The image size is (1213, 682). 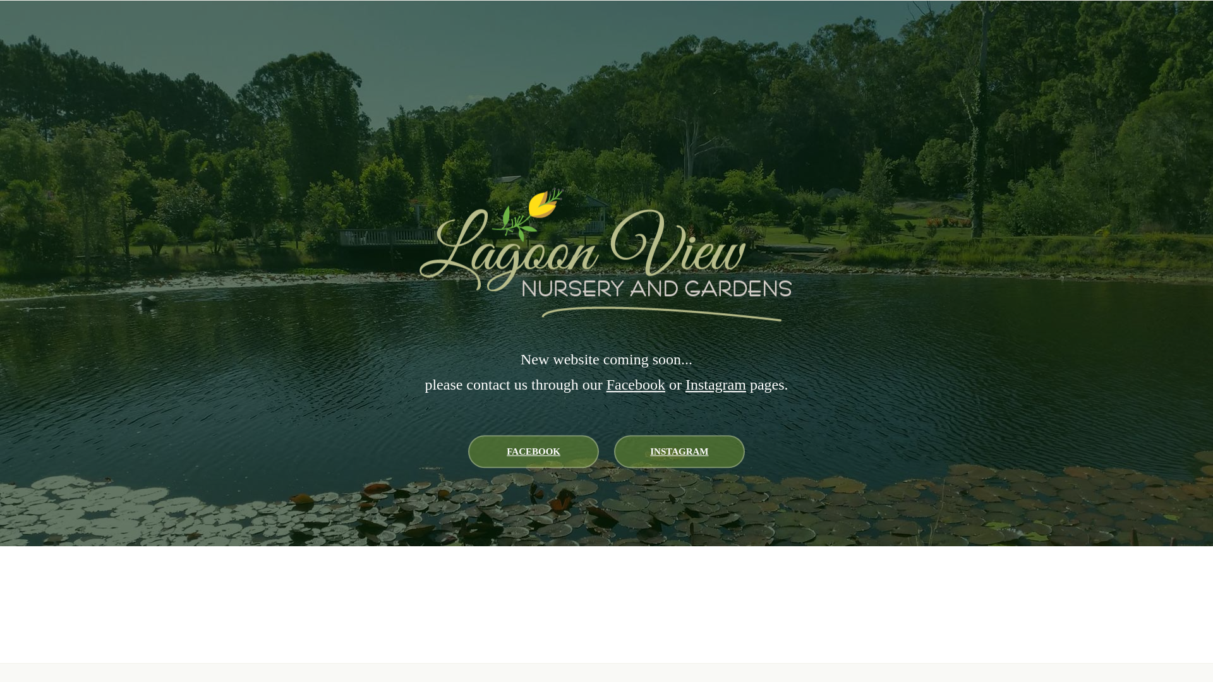 What do you see at coordinates (467, 450) in the screenshot?
I see `'FACEBOOK'` at bounding box center [467, 450].